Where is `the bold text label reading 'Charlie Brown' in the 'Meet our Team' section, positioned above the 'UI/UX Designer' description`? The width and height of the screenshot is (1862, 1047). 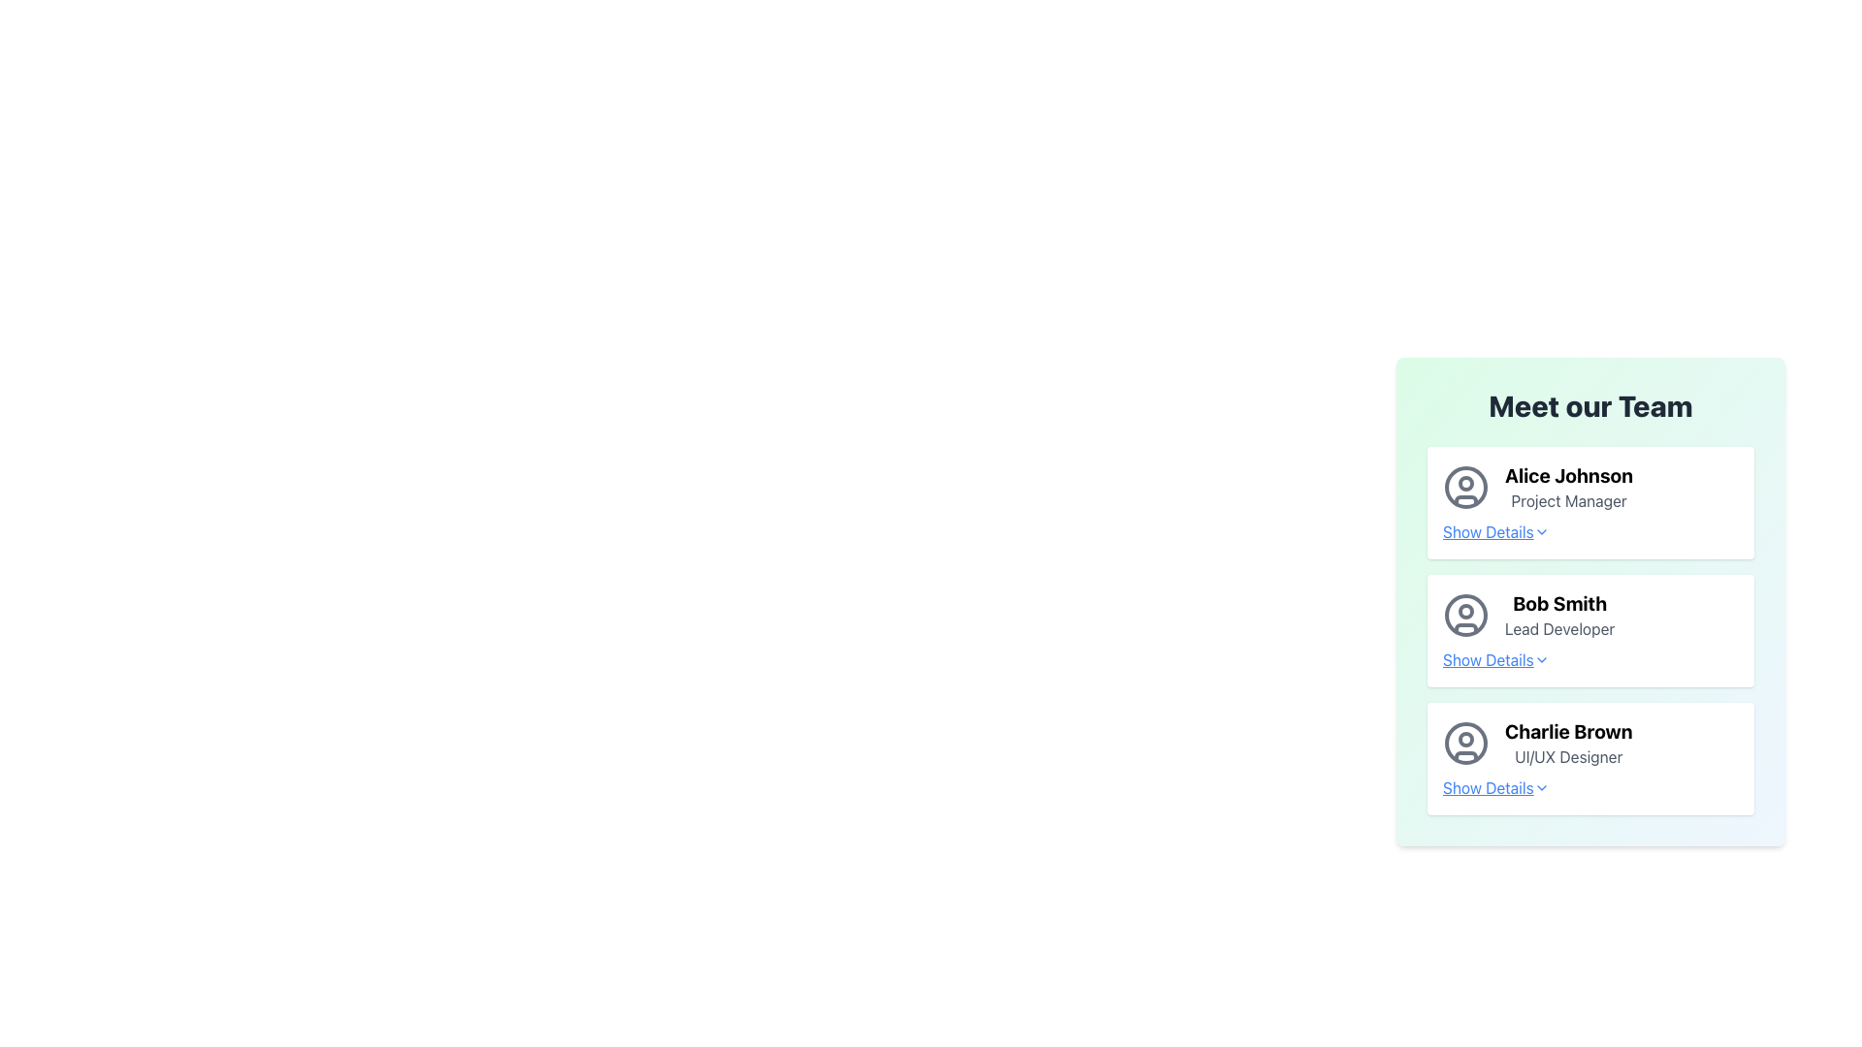
the bold text label reading 'Charlie Brown' in the 'Meet our Team' section, positioned above the 'UI/UX Designer' description is located at coordinates (1568, 732).